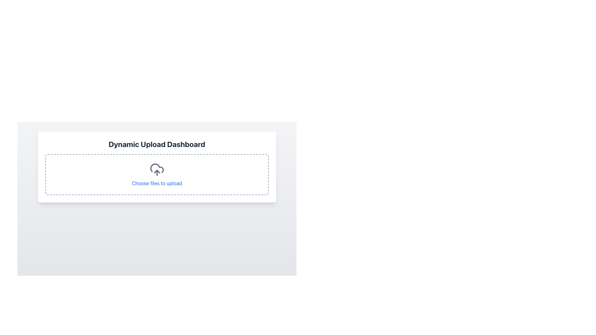  Describe the element at coordinates (157, 170) in the screenshot. I see `the decorative file upload icon located within the dashed bordered area, which is situated below the 'Dynamic Upload Dashboard' title and above the 'Choose files to upload' text` at that location.